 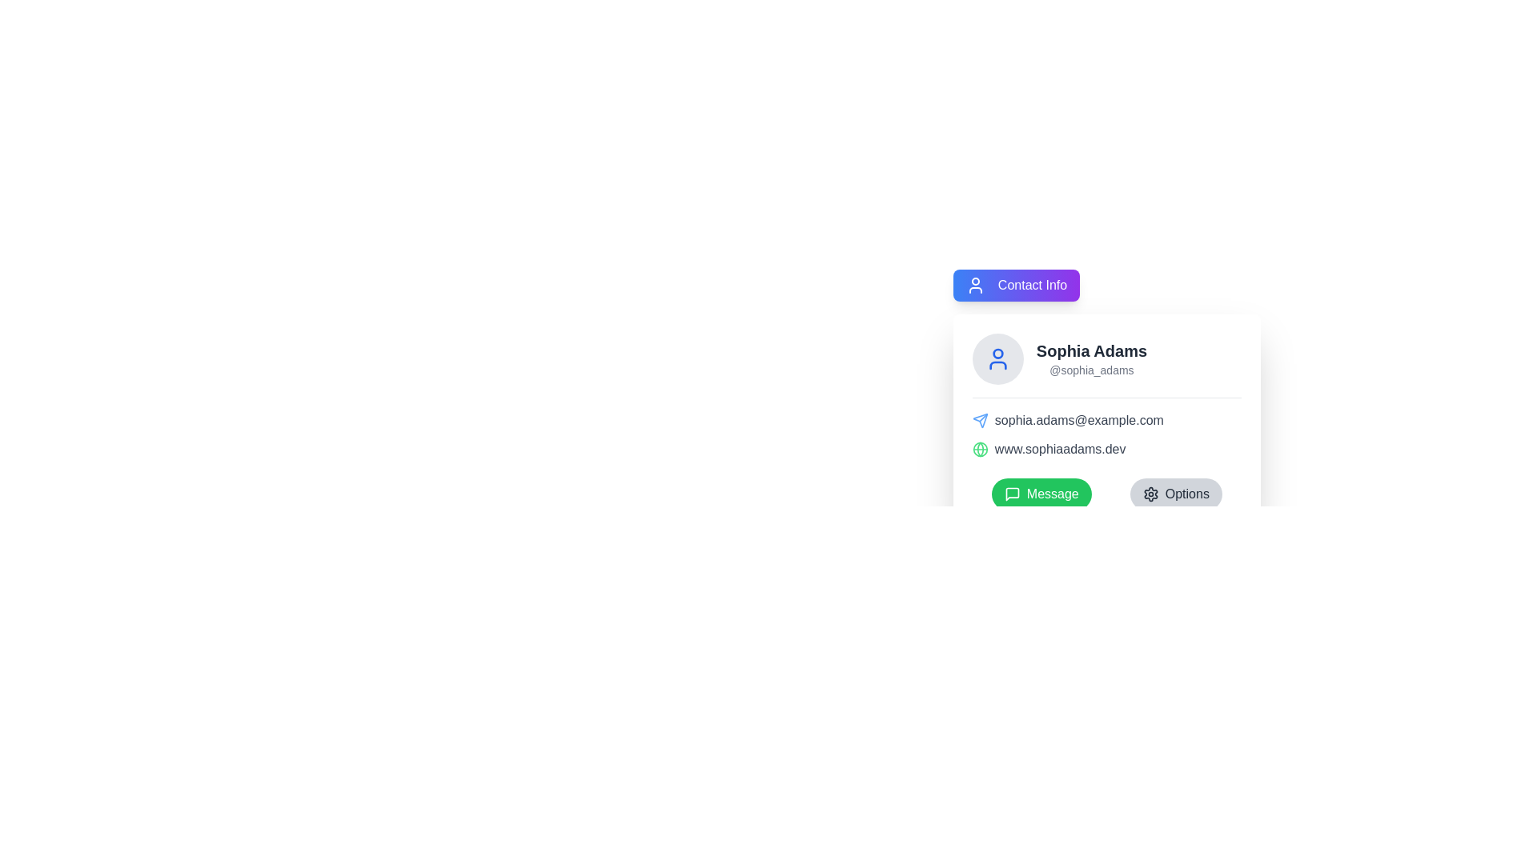 What do you see at coordinates (1106, 419) in the screenshot?
I see `the email address text label located` at bounding box center [1106, 419].